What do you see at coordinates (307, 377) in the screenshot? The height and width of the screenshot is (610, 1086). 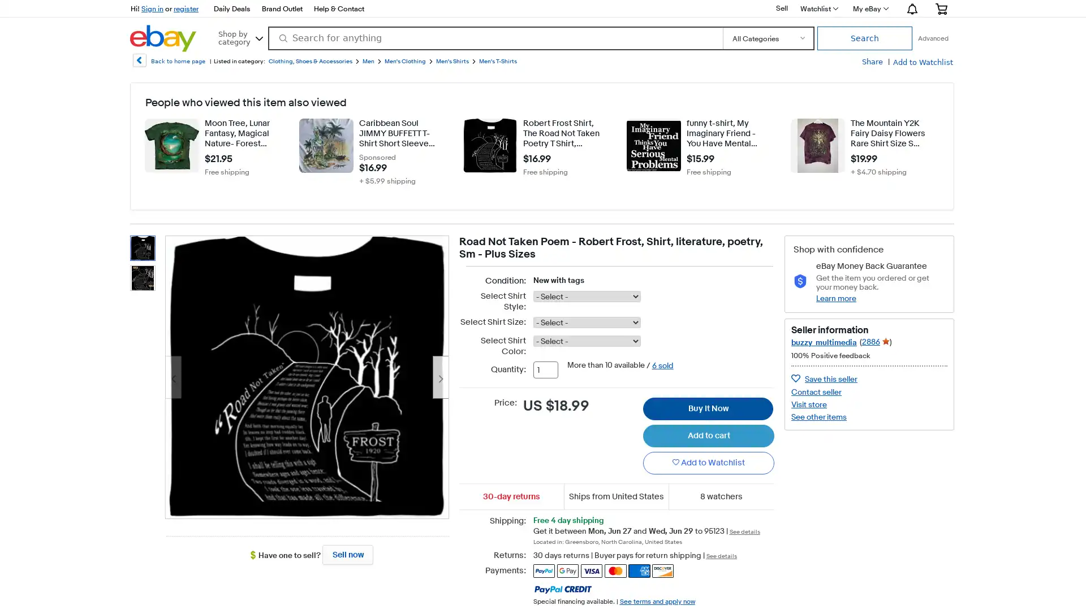 I see `Item image 1 of 2. Opens image gallery.` at bounding box center [307, 377].